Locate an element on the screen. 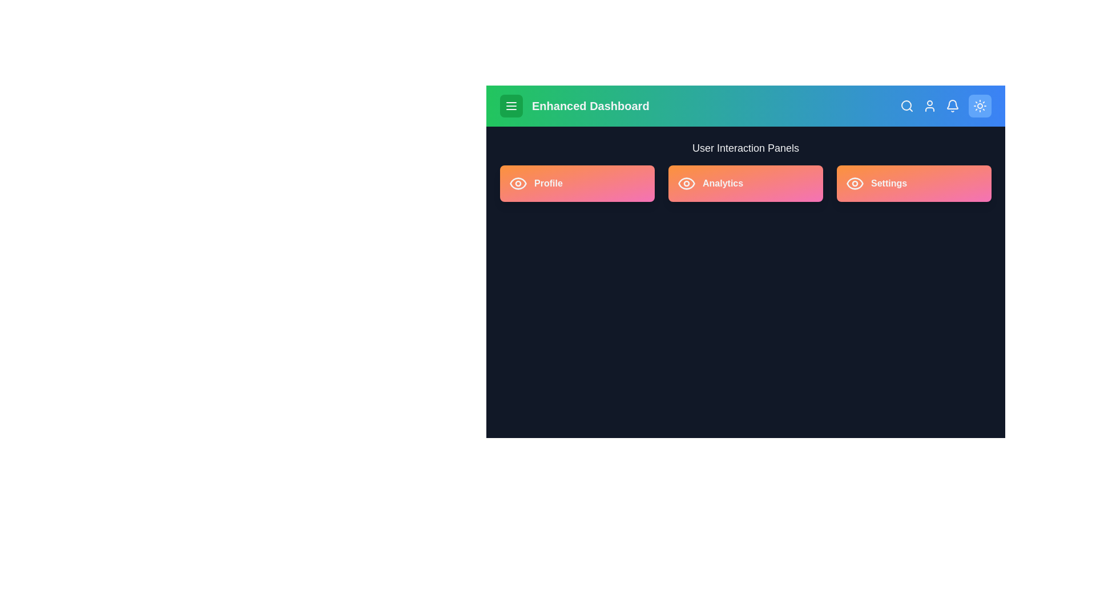 The width and height of the screenshot is (1096, 616). the 'Settings' panel to interact with it is located at coordinates (914, 183).